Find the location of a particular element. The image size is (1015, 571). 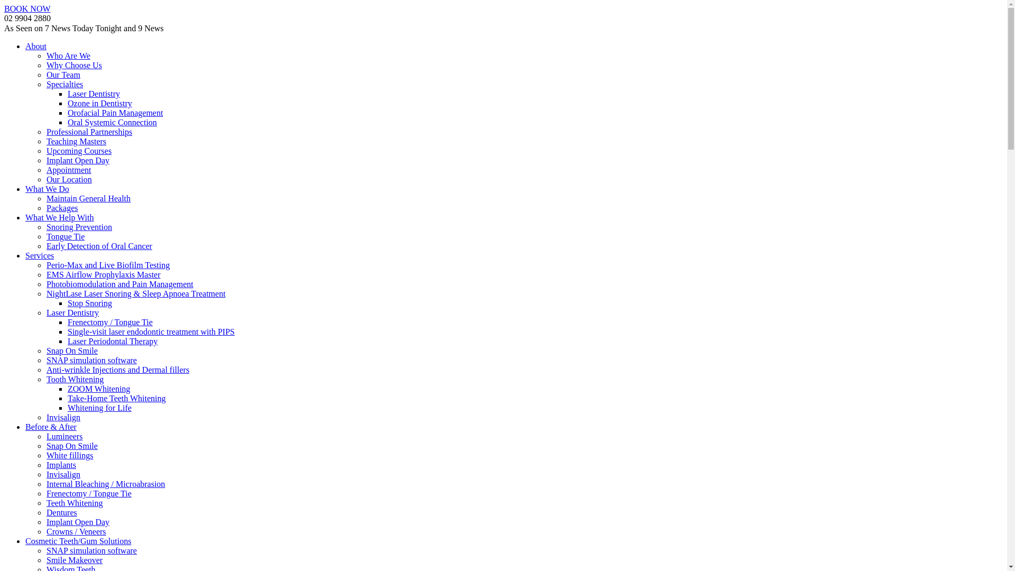

'Our Location' is located at coordinates (68, 179).